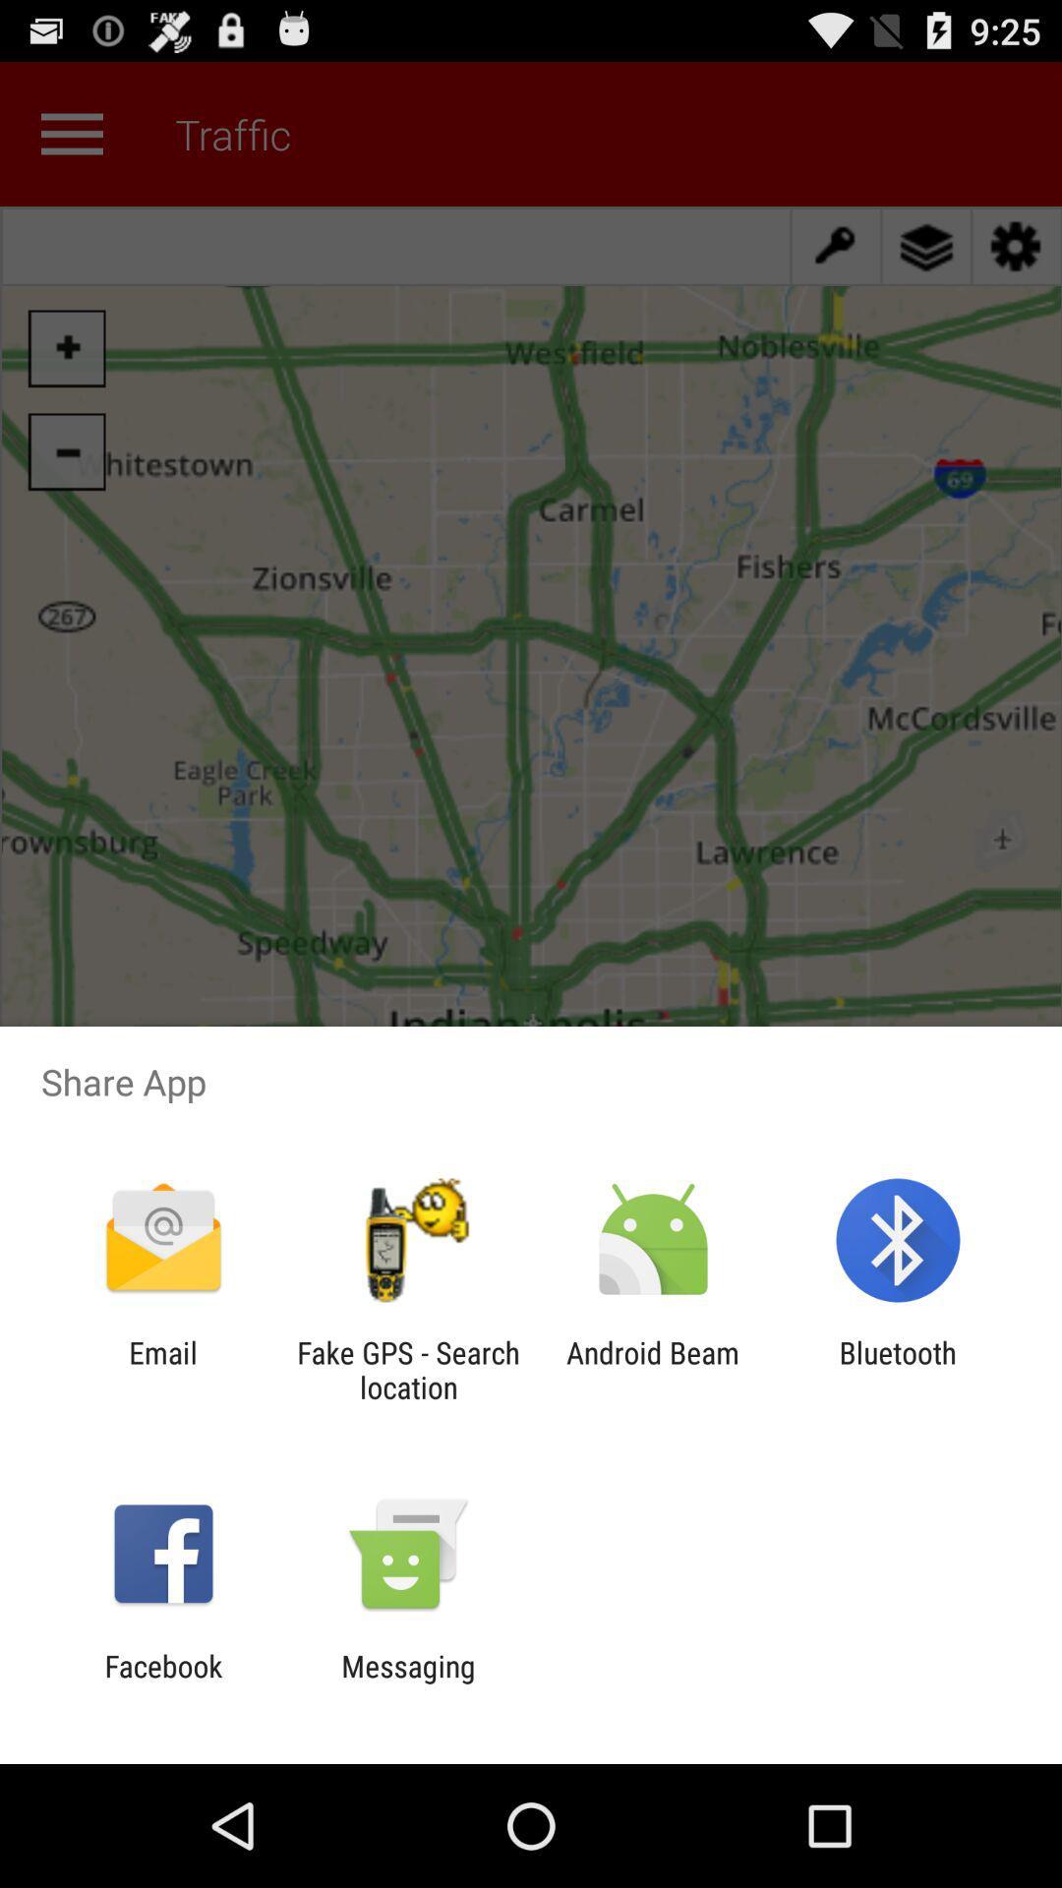 This screenshot has height=1888, width=1062. I want to click on facebook app, so click(162, 1682).